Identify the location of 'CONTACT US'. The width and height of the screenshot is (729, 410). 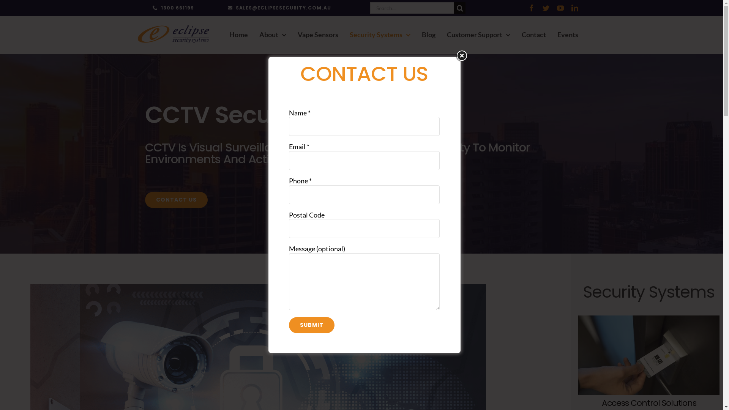
(176, 199).